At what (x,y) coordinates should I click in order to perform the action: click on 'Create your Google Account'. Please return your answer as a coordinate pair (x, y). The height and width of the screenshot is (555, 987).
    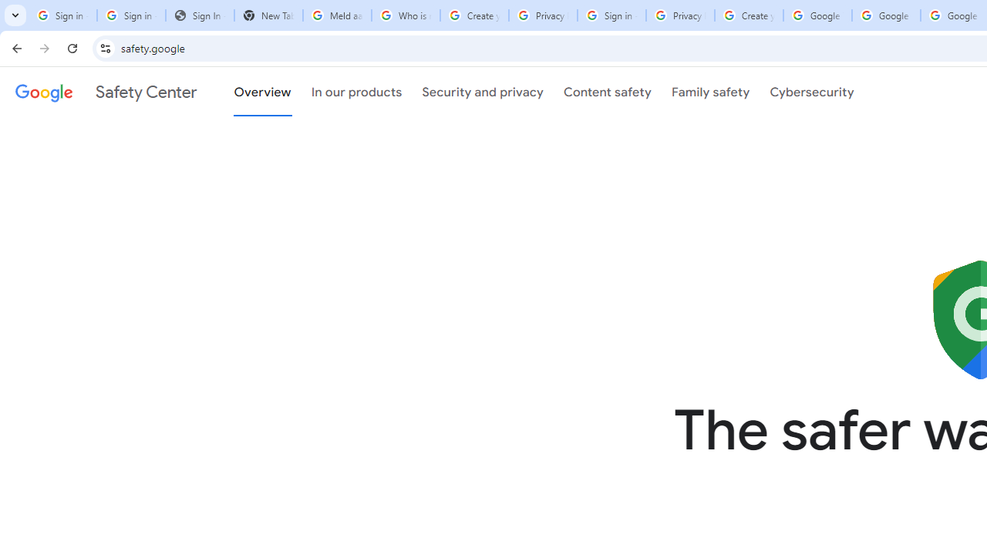
    Looking at the image, I should click on (749, 15).